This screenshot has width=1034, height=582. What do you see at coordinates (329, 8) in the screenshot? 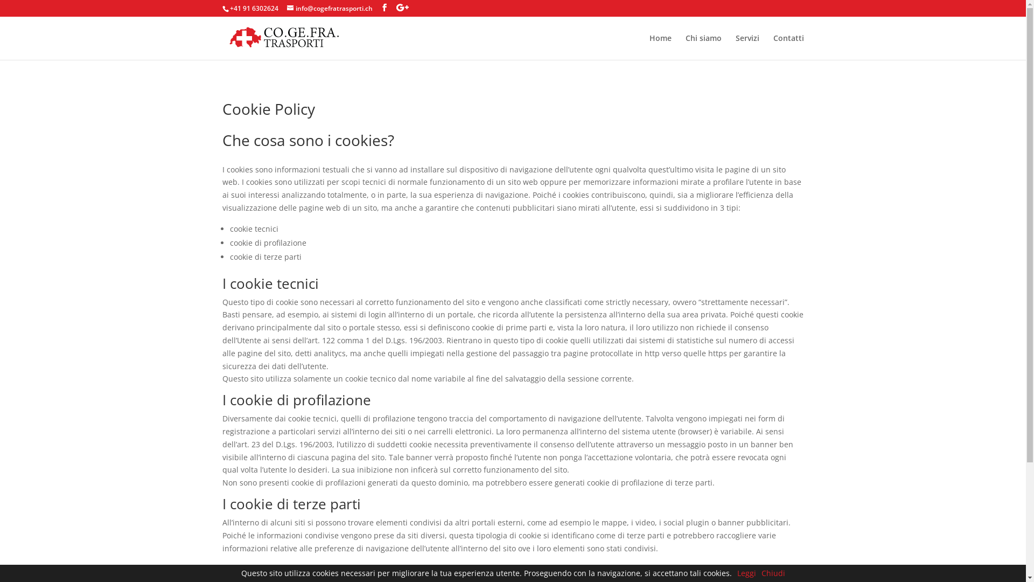
I see `'info@cogefratrasporti.ch'` at bounding box center [329, 8].